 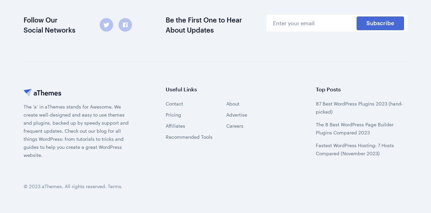 I want to click on 'The 8 Best WordPress Page Builder Plugins Compared 2023', so click(x=315, y=44).